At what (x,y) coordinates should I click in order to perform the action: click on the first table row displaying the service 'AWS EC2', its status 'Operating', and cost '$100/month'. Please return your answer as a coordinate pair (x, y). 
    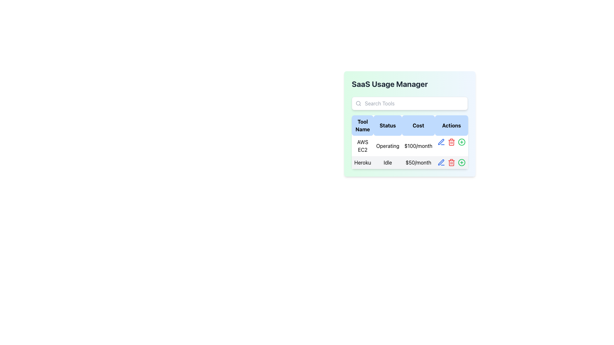
    Looking at the image, I should click on (410, 146).